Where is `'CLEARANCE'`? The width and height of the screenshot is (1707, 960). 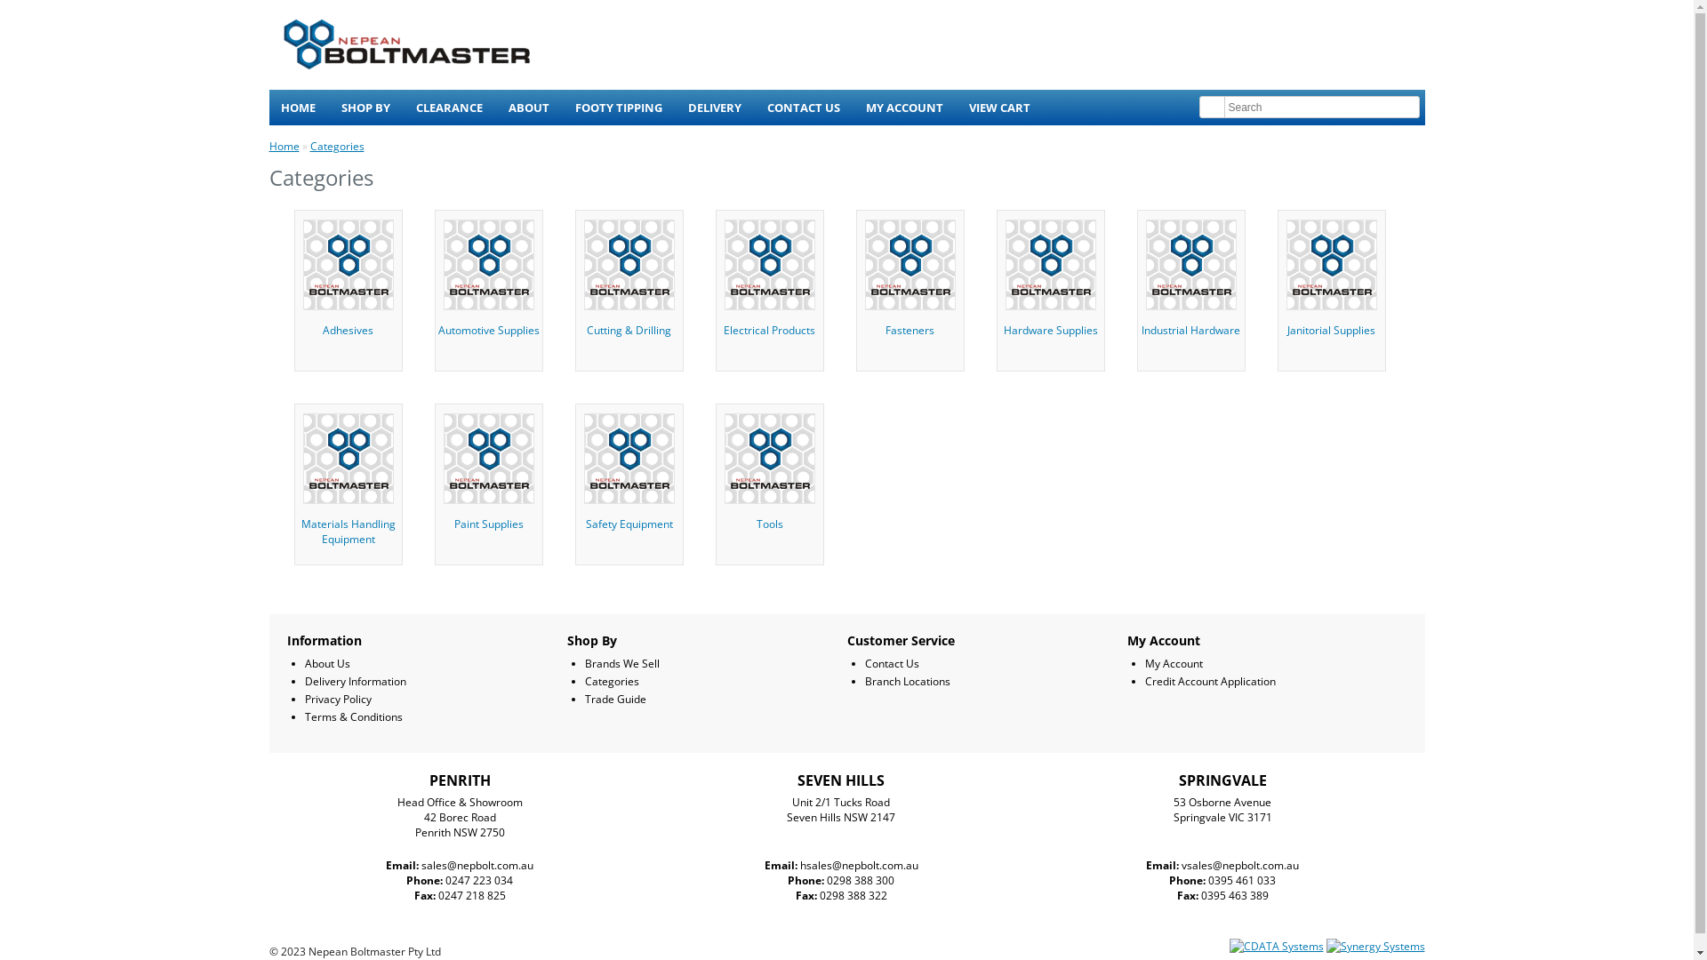
'CLEARANCE' is located at coordinates (448, 107).